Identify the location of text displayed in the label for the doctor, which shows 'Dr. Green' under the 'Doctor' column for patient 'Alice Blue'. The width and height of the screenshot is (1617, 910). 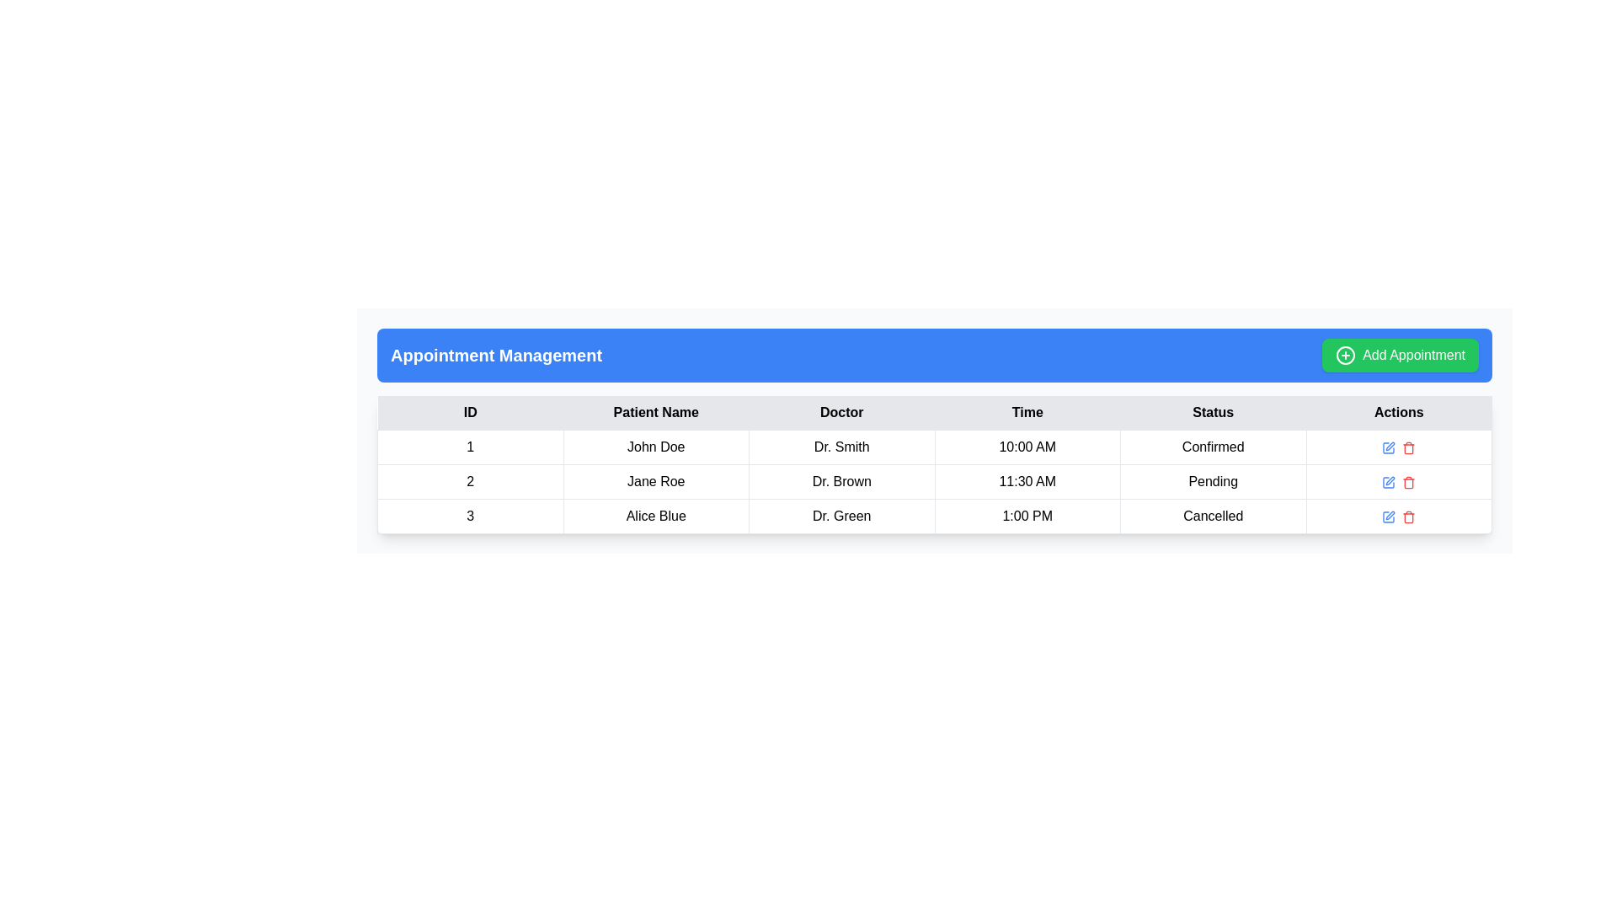
(841, 516).